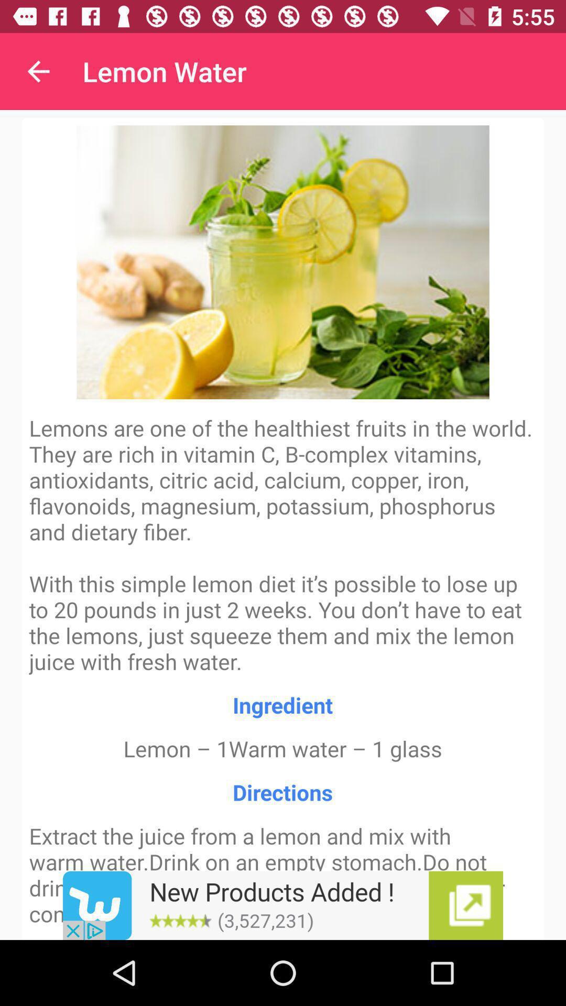 This screenshot has height=1006, width=566. What do you see at coordinates (38, 71) in the screenshot?
I see `item to the left of lemon water item` at bounding box center [38, 71].